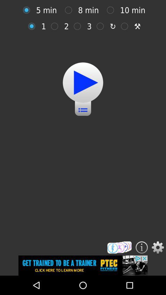 The height and width of the screenshot is (295, 166). Describe the element at coordinates (69, 10) in the screenshot. I see `option button` at that location.